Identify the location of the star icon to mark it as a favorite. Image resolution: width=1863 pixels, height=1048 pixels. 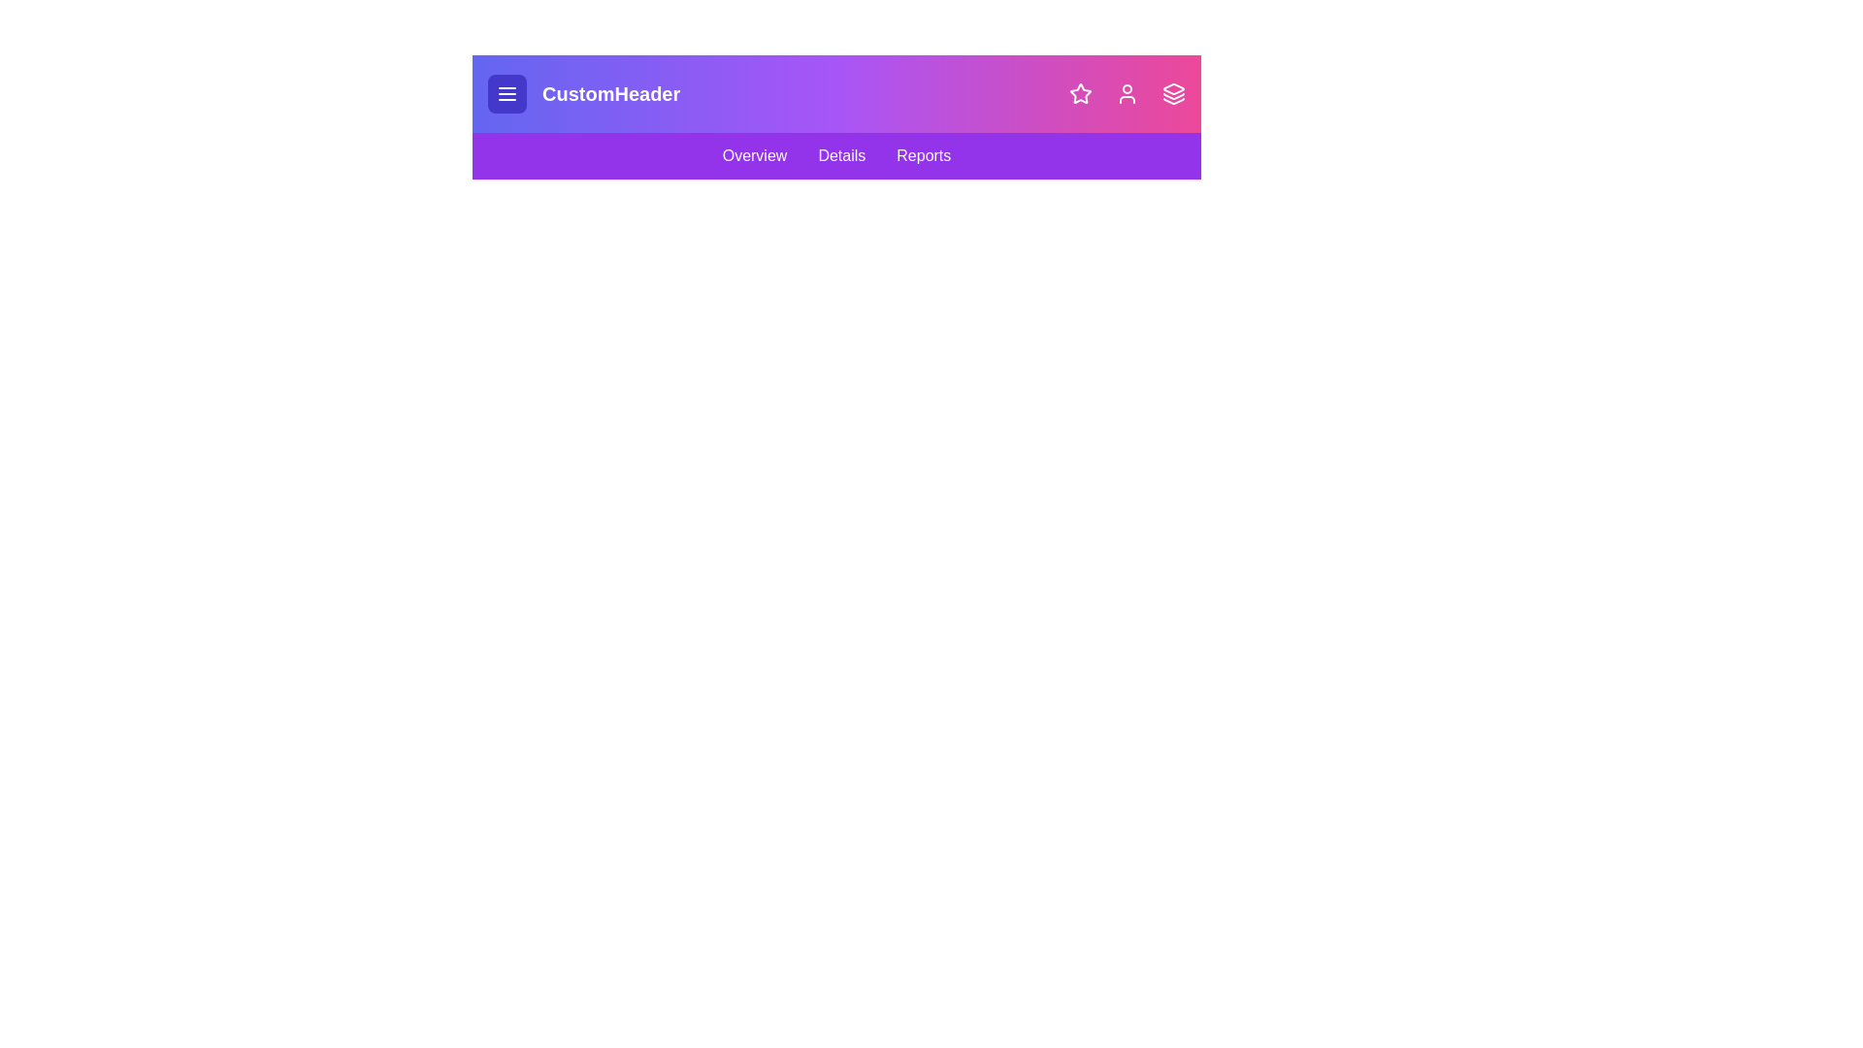
(1079, 93).